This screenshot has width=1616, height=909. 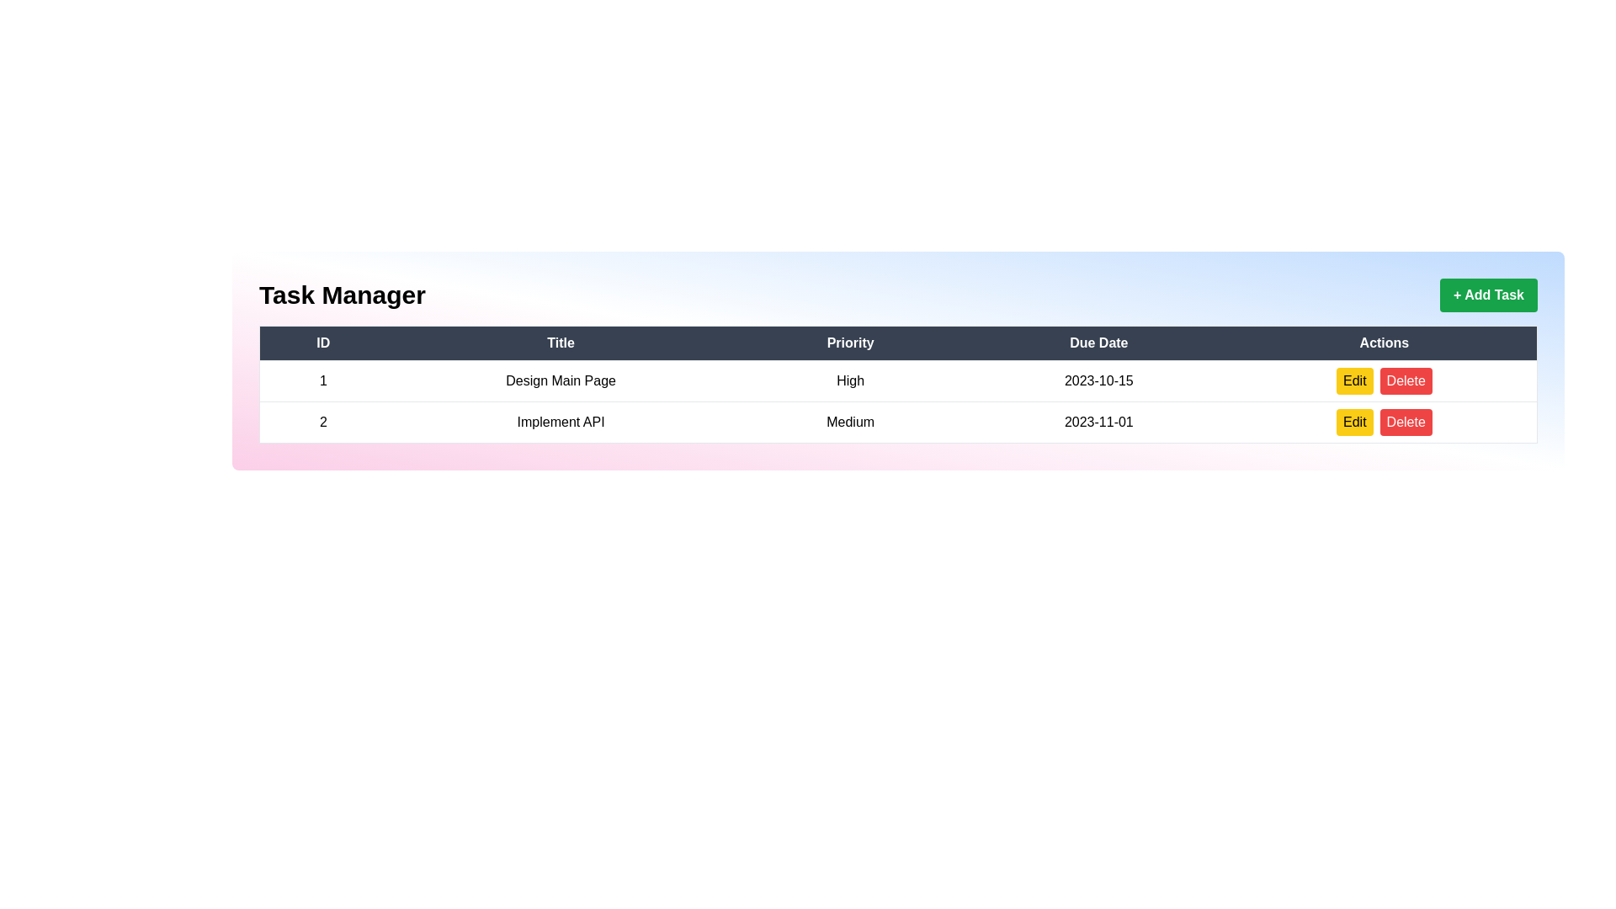 What do you see at coordinates (1098, 343) in the screenshot?
I see `the header label indicating the 'Due Date' in the table, which is positioned between 'Priority' and 'Actions'` at bounding box center [1098, 343].